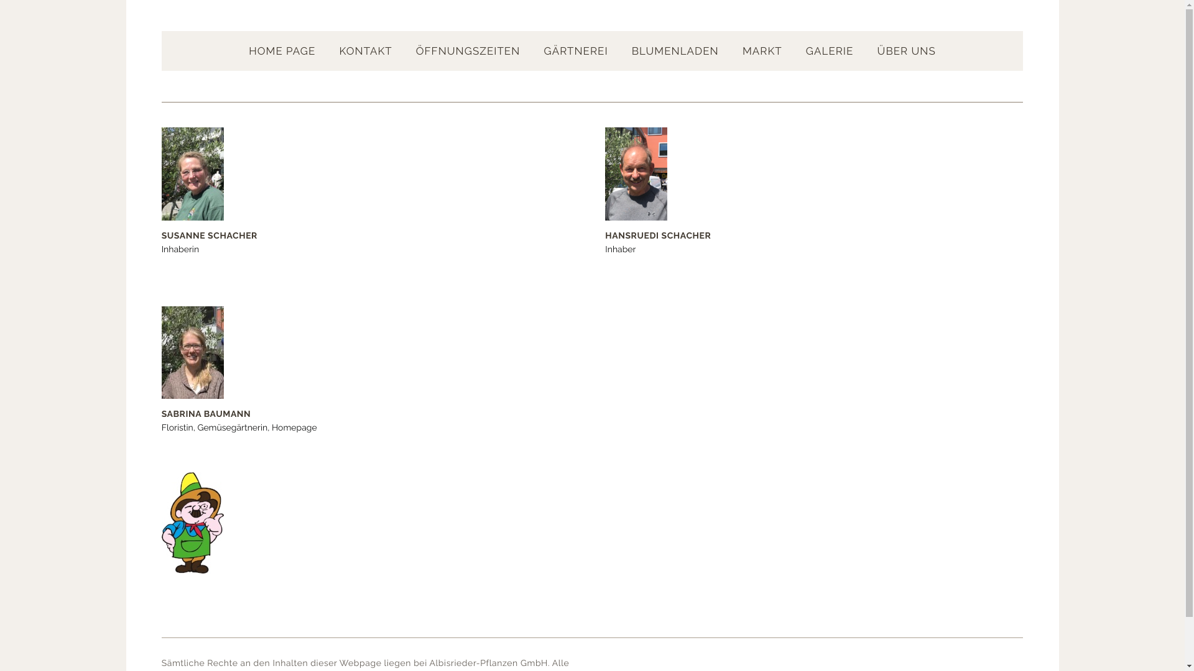 This screenshot has height=671, width=1194. What do you see at coordinates (192, 174) in the screenshot?
I see `'Susanne Schacher'` at bounding box center [192, 174].